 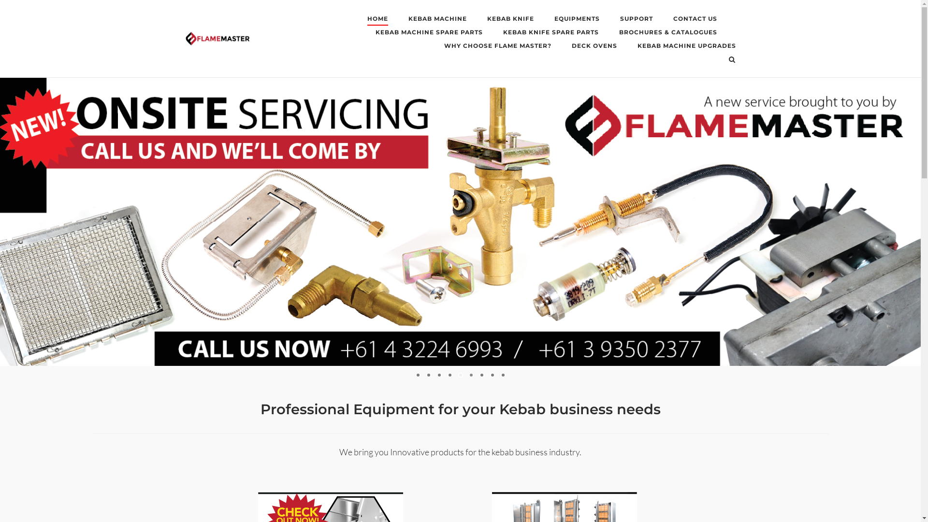 I want to click on '9', so click(x=503, y=374).